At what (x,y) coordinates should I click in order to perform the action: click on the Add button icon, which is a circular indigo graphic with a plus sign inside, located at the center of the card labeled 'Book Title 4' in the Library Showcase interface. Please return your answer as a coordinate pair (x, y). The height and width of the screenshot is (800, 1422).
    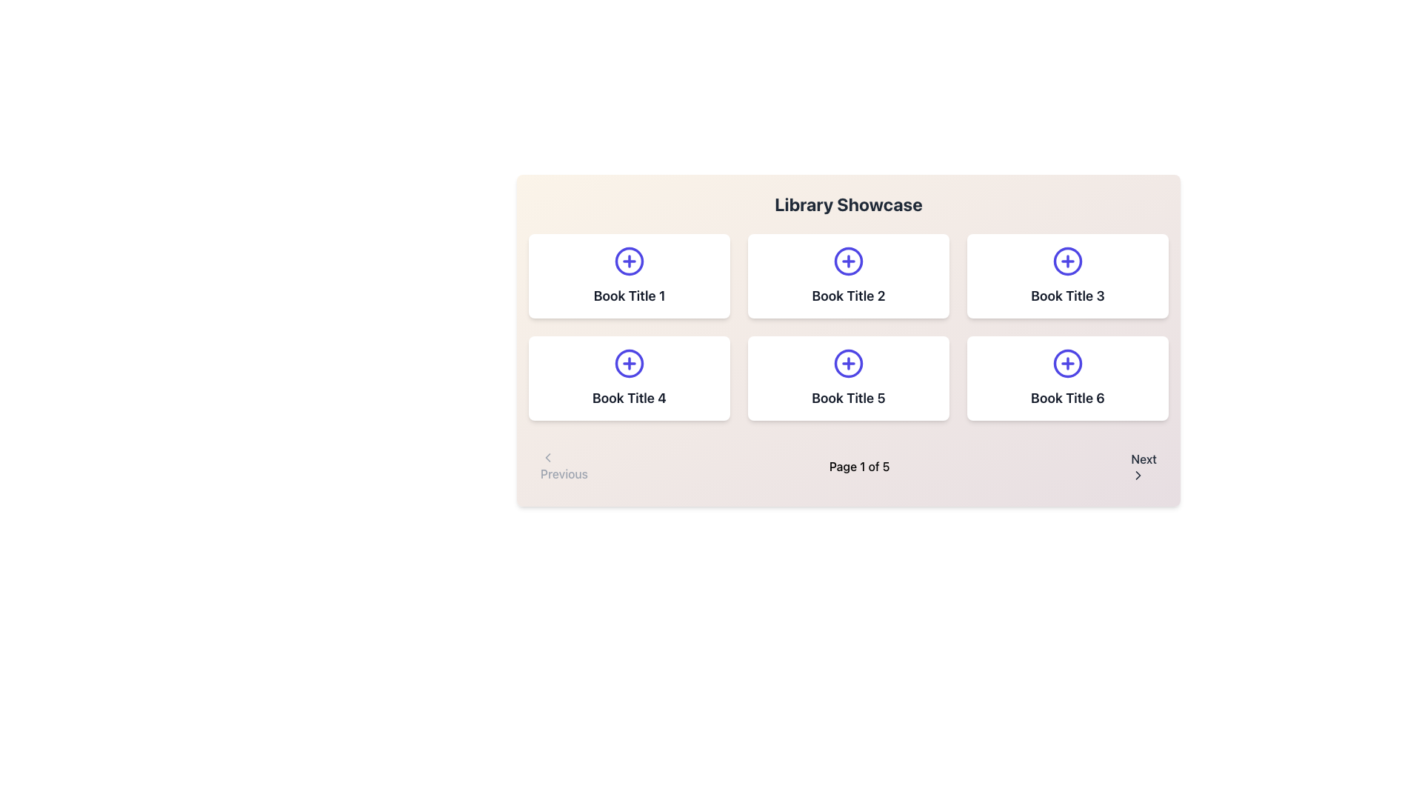
    Looking at the image, I should click on (629, 363).